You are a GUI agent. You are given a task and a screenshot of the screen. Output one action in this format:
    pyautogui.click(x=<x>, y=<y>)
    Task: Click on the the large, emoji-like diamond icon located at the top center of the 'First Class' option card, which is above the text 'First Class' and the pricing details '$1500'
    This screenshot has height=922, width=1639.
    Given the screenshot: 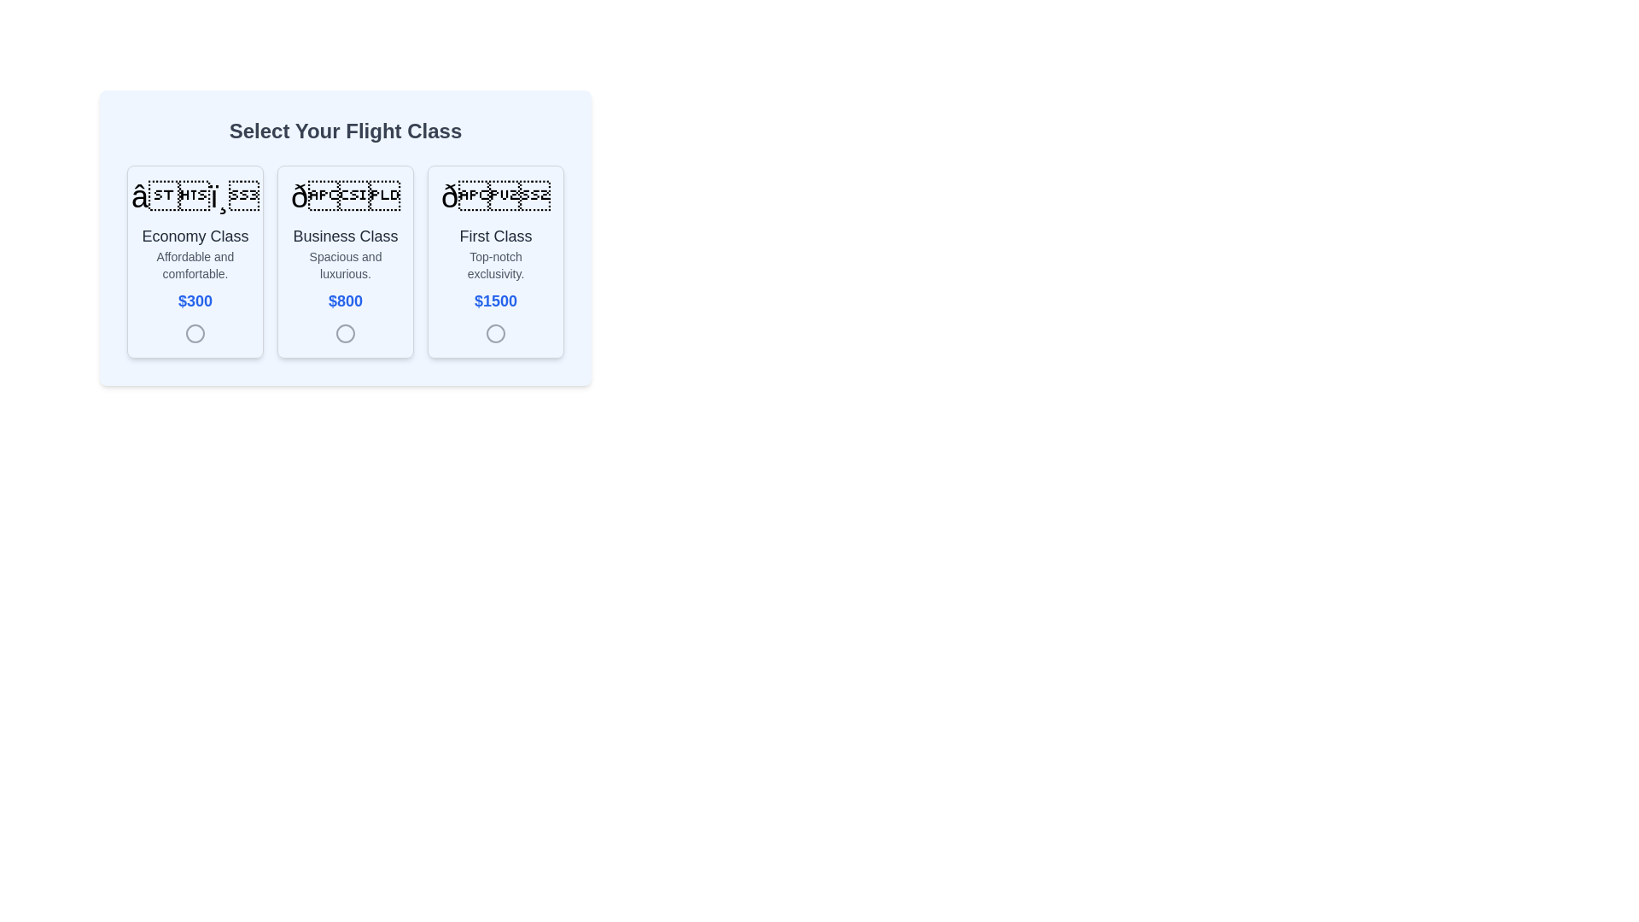 What is the action you would take?
    pyautogui.click(x=494, y=196)
    